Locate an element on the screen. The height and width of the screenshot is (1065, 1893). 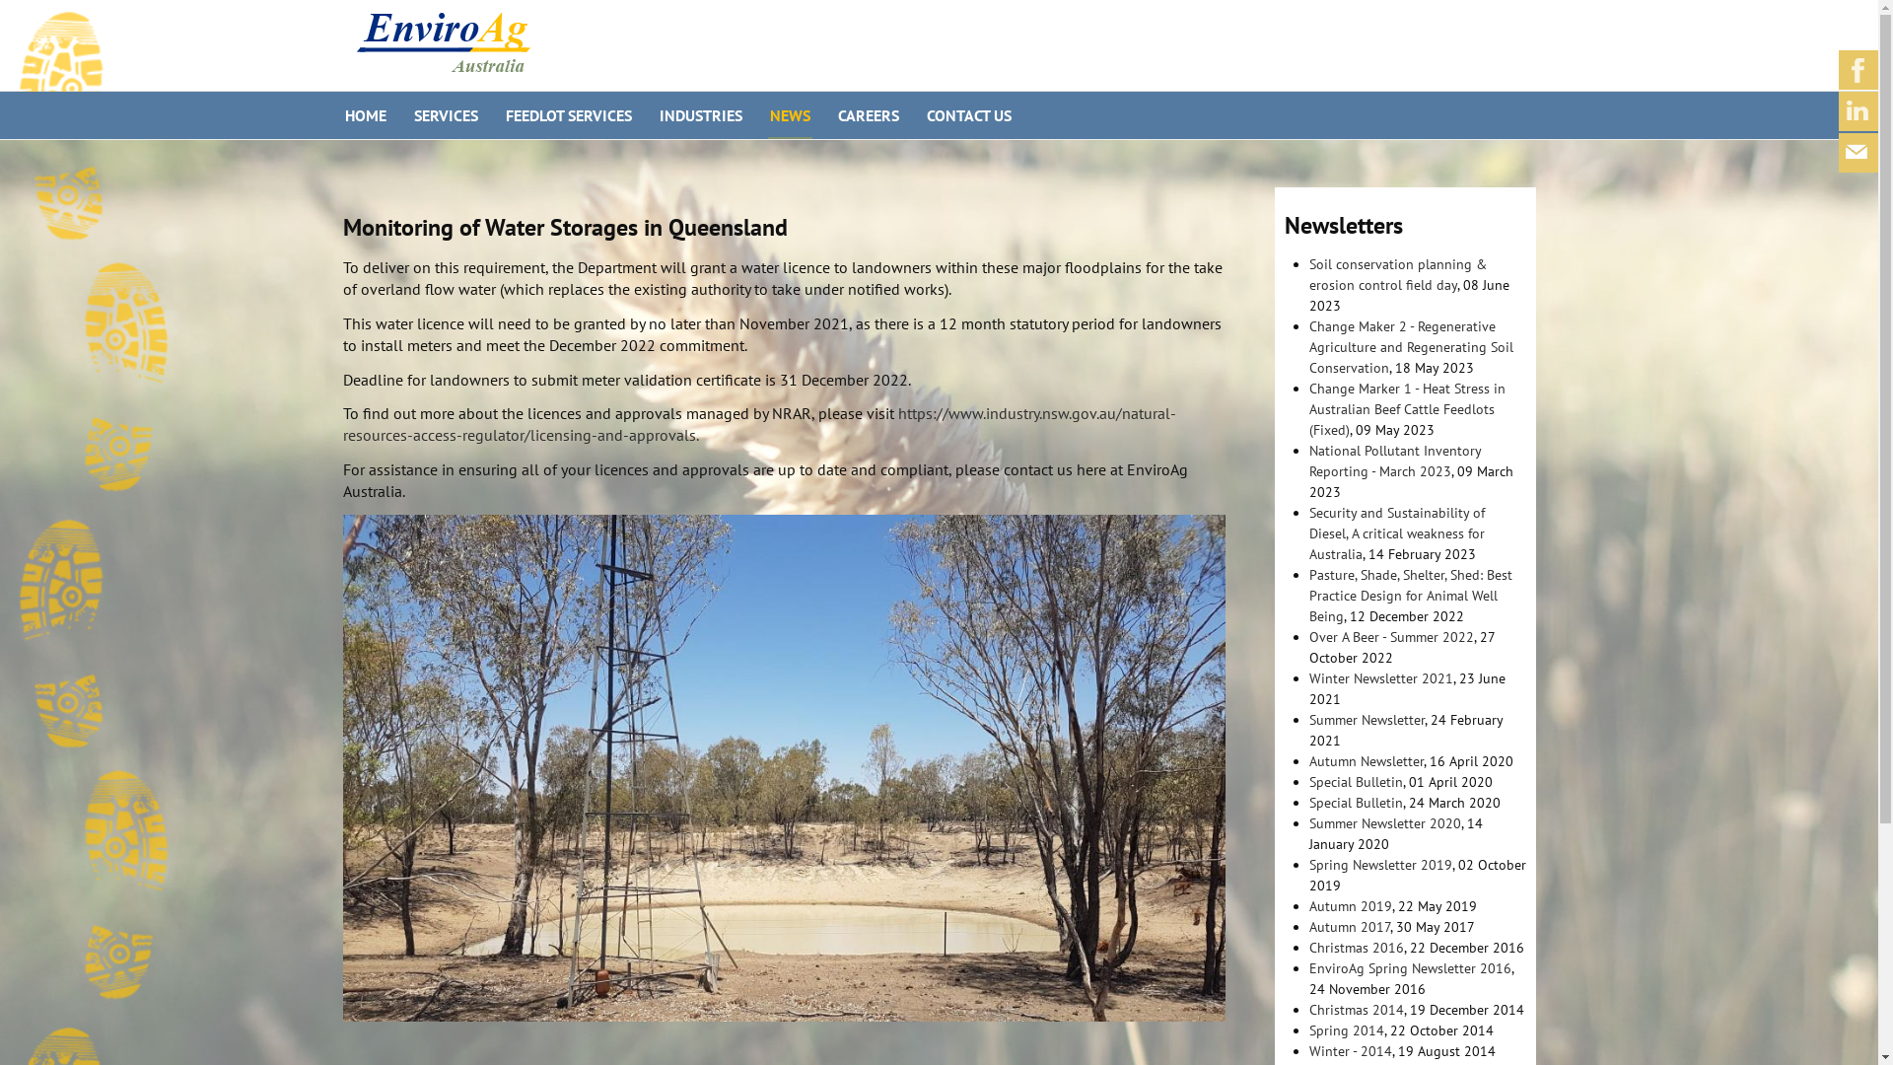
'CAREERS' is located at coordinates (868, 114).